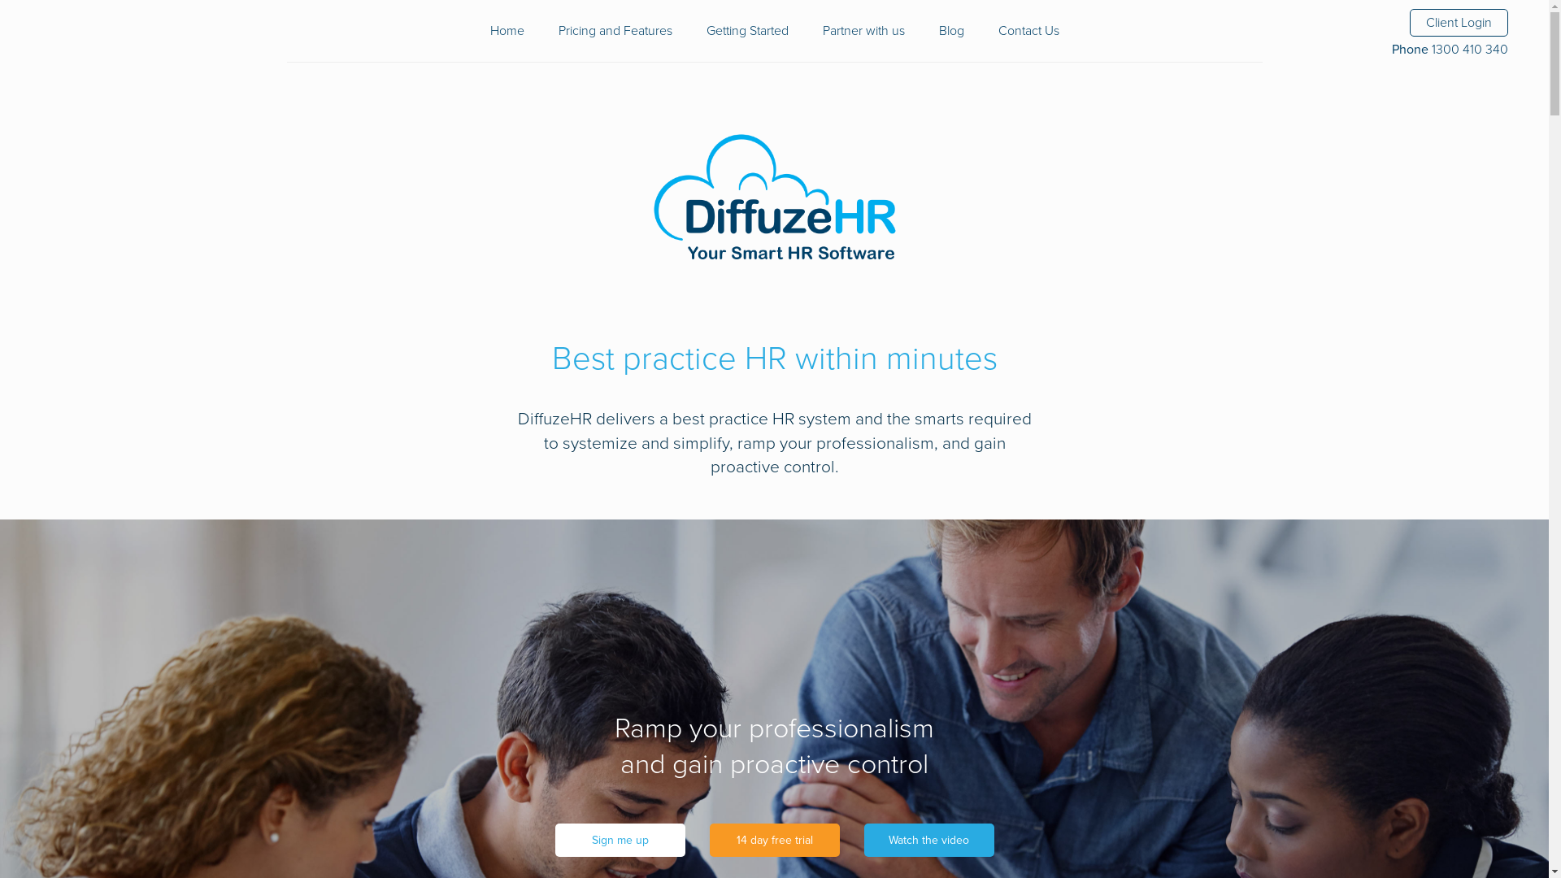  I want to click on 'Pricing and Features', so click(614, 31).